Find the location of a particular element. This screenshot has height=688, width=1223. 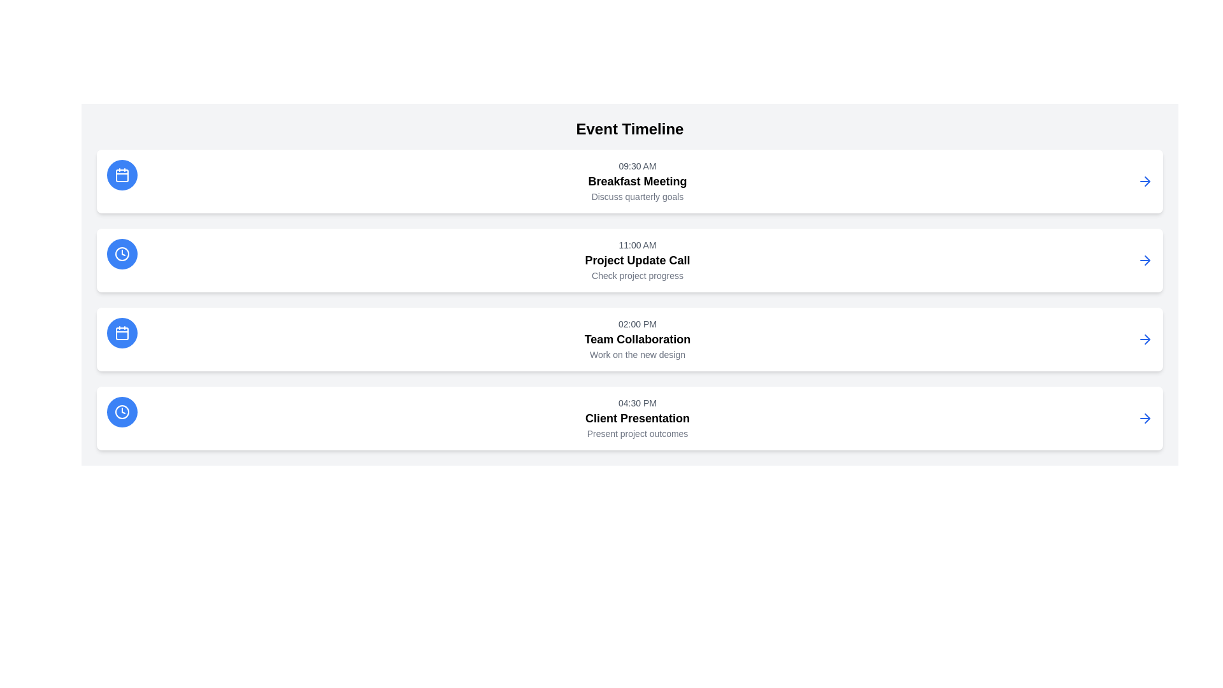

the right-pointing chevron SVG icon located at the right edge of the 'Project Update Call' entry in the Event Timeline interface is located at coordinates (1147, 259).